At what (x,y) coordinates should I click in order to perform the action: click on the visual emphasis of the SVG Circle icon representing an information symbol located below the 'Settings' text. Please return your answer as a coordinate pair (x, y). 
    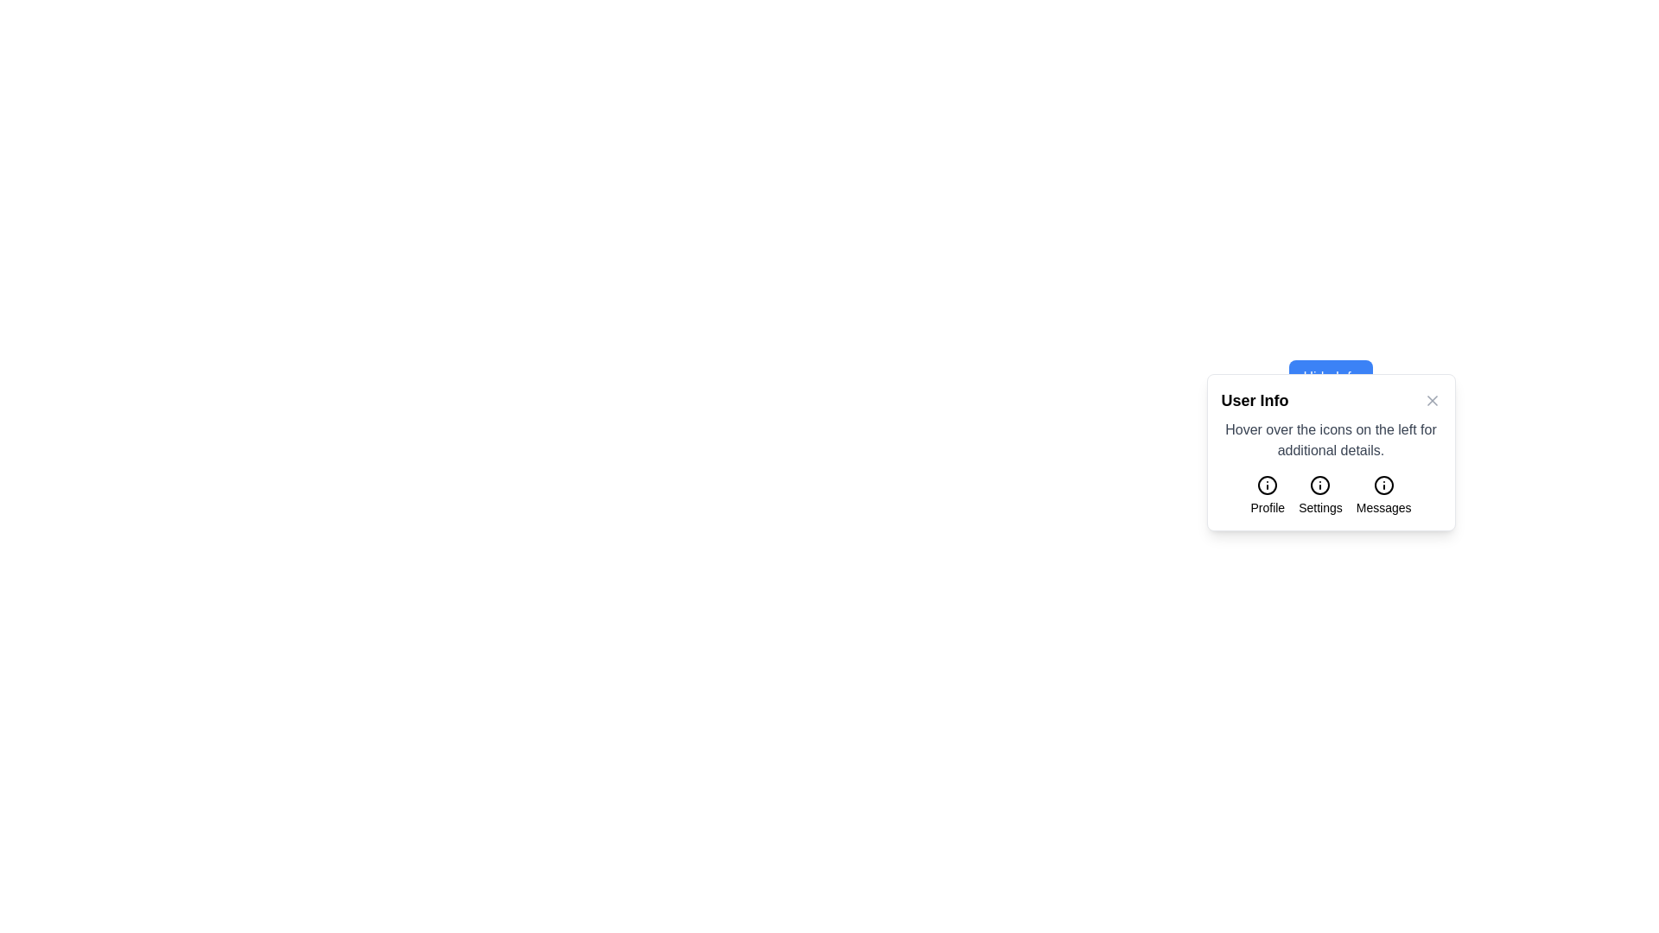
    Looking at the image, I should click on (1319, 486).